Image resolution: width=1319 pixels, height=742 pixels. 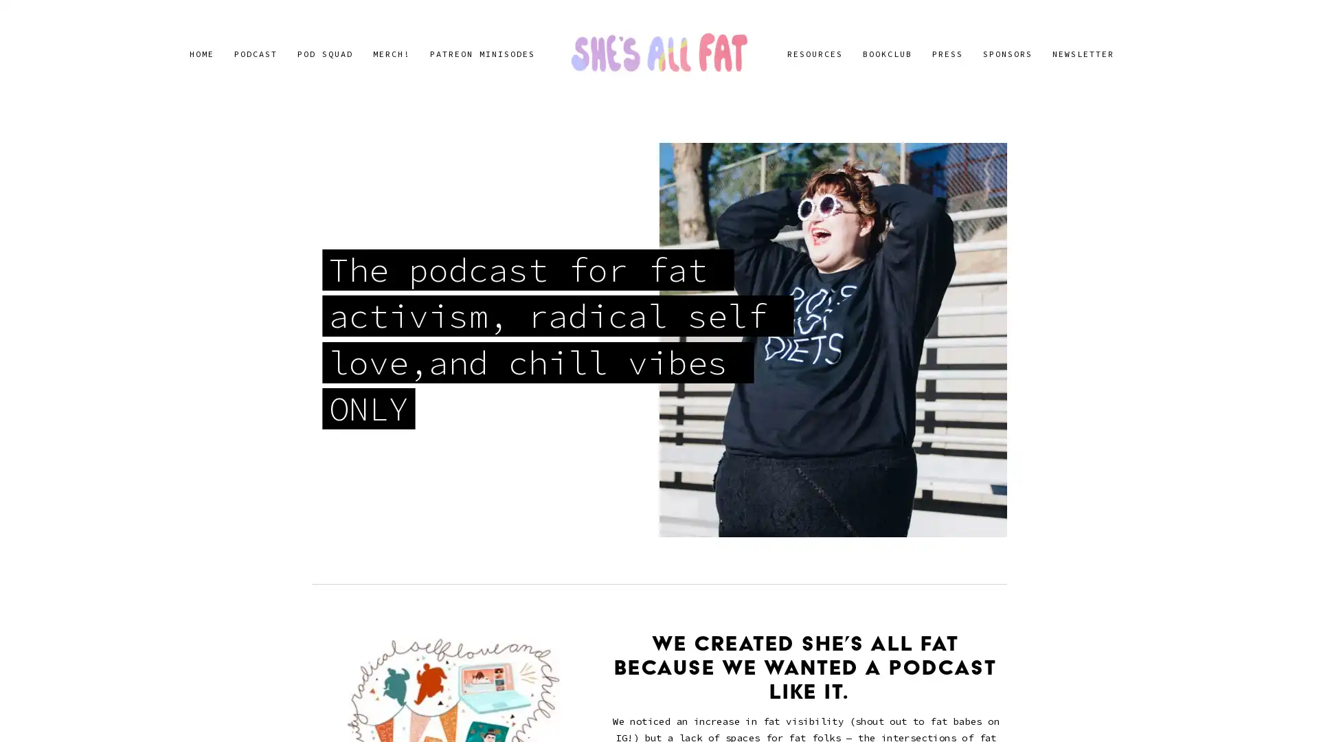 What do you see at coordinates (901, 207) in the screenshot?
I see `Close` at bounding box center [901, 207].